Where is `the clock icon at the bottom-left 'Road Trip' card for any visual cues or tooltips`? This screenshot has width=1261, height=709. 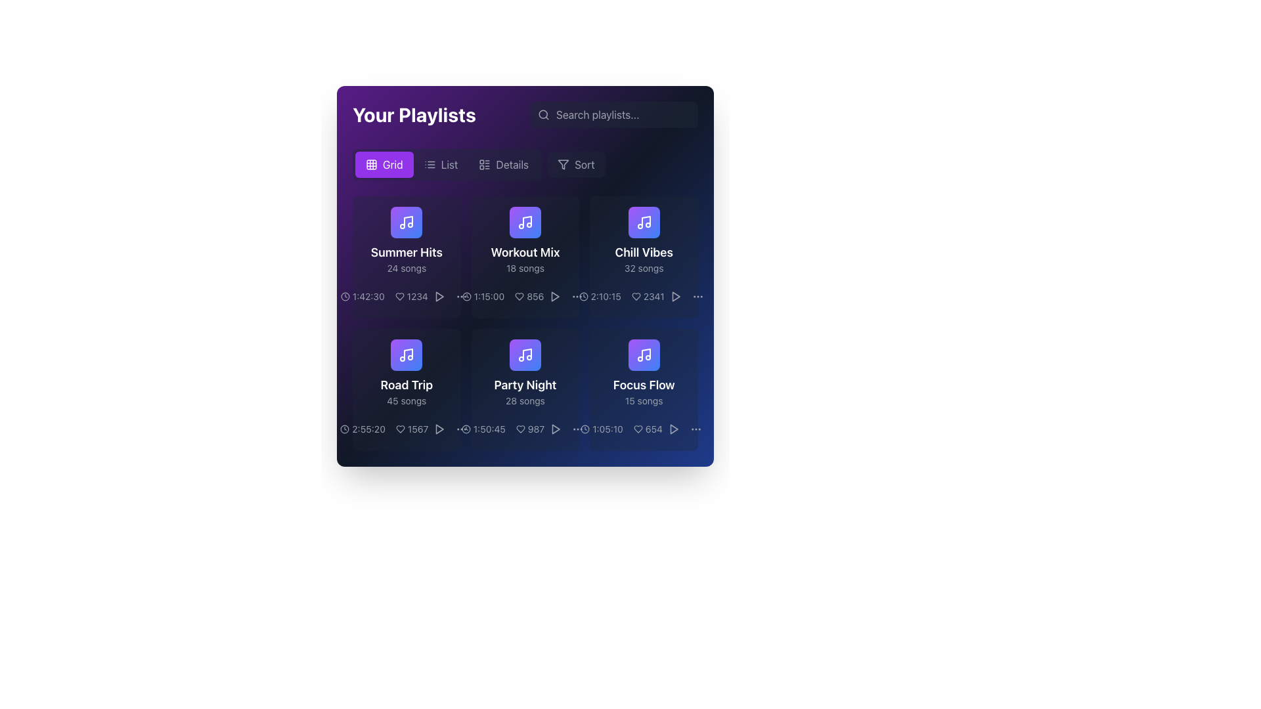 the clock icon at the bottom-left 'Road Trip' card for any visual cues or tooltips is located at coordinates (345, 429).